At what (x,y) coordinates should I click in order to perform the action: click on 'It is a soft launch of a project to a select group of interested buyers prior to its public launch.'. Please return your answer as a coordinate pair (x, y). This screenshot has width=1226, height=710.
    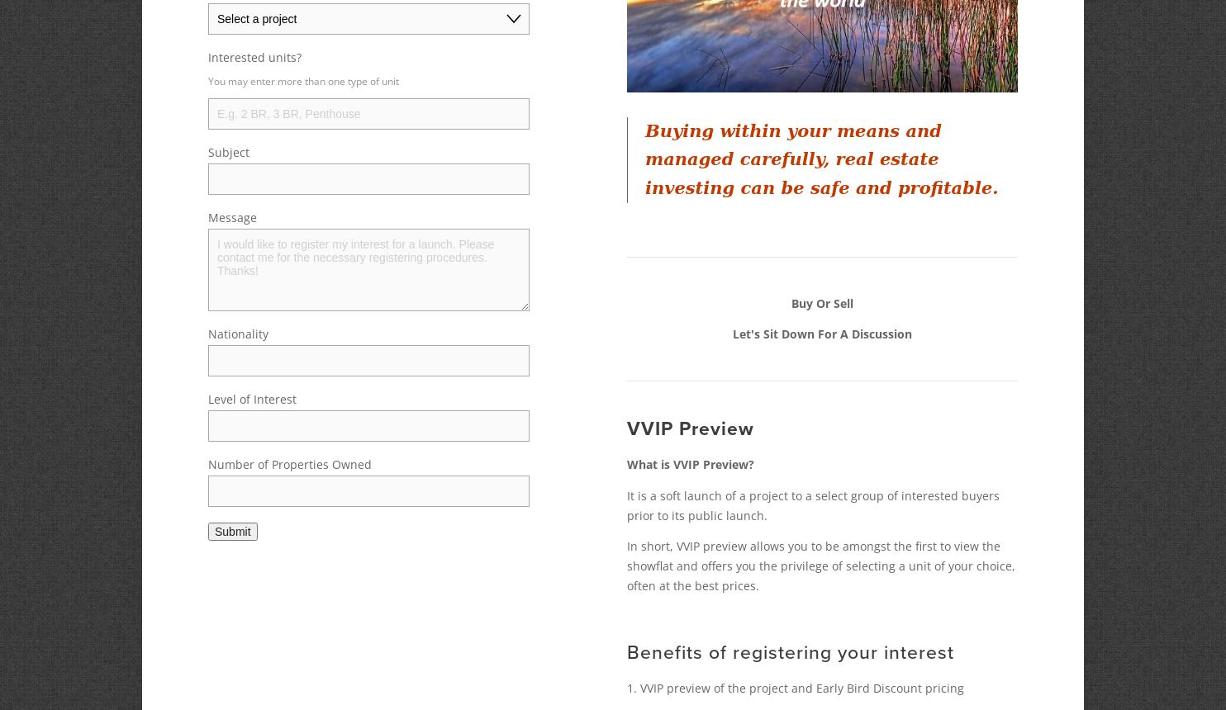
    Looking at the image, I should click on (814, 504).